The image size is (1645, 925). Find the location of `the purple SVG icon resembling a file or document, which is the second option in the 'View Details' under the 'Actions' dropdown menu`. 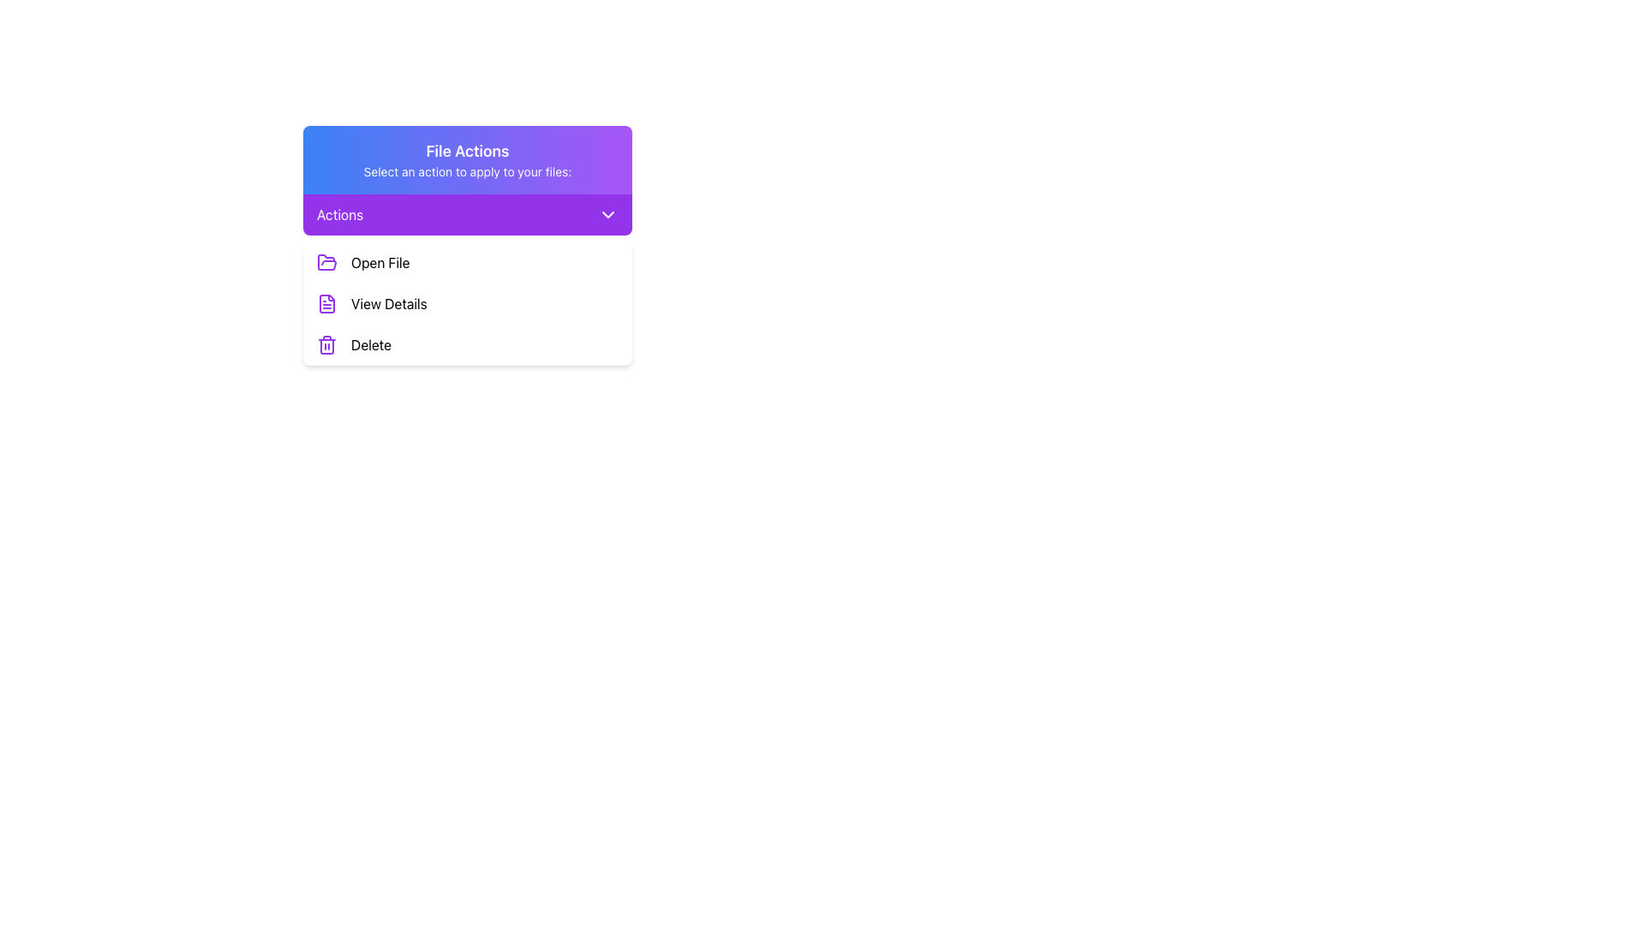

the purple SVG icon resembling a file or document, which is the second option in the 'View Details' under the 'Actions' dropdown menu is located at coordinates (327, 302).